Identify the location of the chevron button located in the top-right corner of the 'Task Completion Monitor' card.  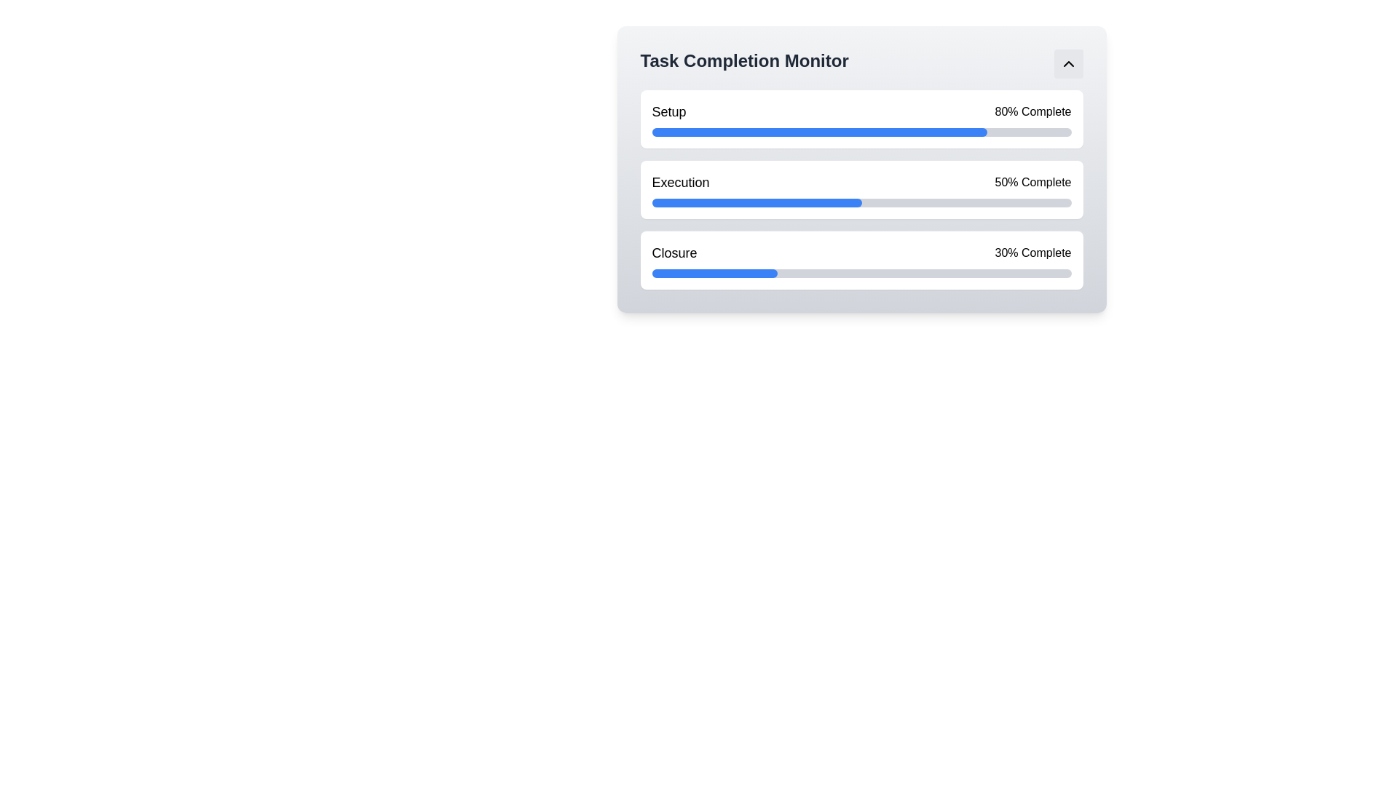
(1068, 63).